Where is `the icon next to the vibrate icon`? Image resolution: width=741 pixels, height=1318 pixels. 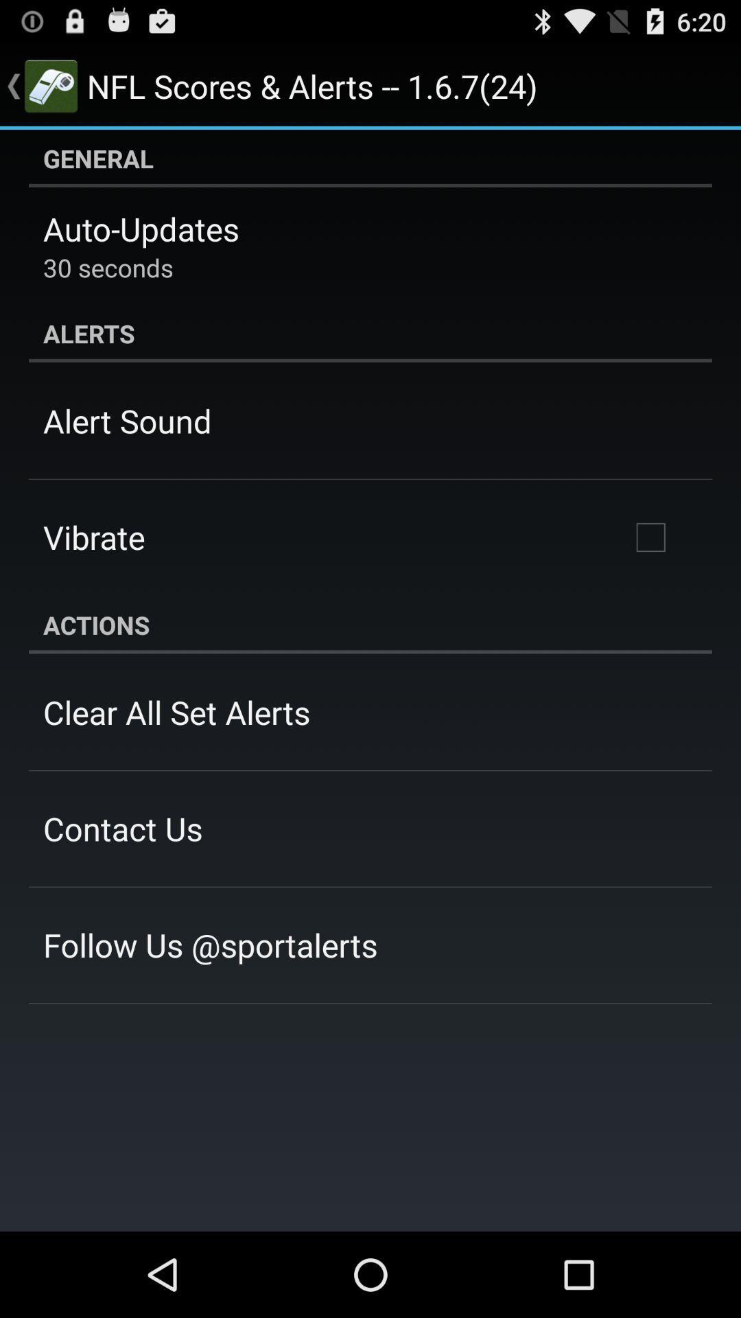
the icon next to the vibrate icon is located at coordinates (650, 536).